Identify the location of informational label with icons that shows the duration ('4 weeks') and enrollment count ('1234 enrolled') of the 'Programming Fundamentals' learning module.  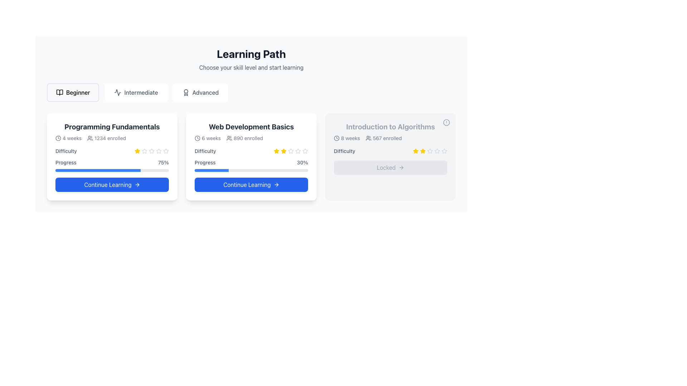
(112, 138).